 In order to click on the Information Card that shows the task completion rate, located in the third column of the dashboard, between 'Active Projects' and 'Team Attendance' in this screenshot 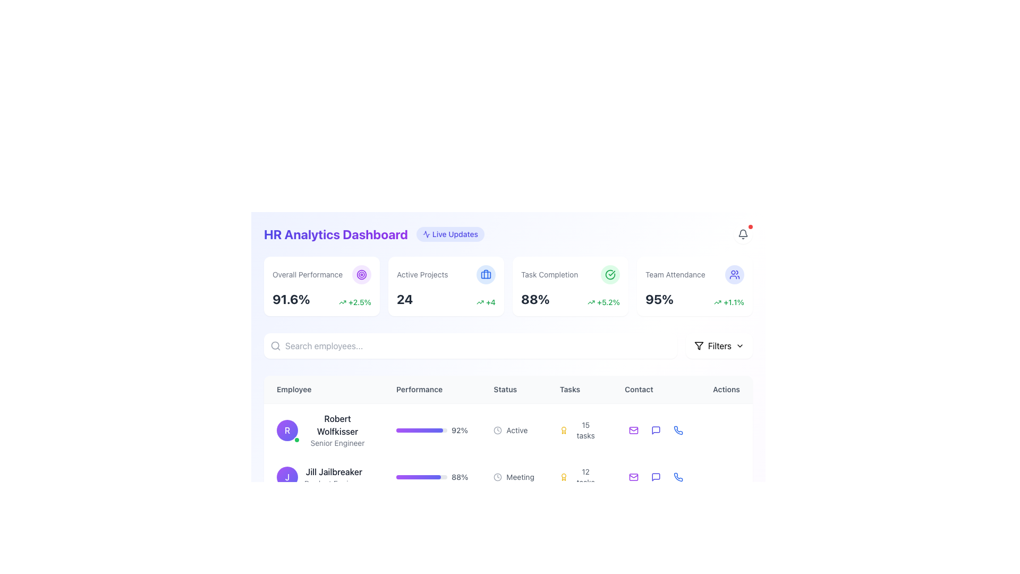, I will do `click(570, 286)`.